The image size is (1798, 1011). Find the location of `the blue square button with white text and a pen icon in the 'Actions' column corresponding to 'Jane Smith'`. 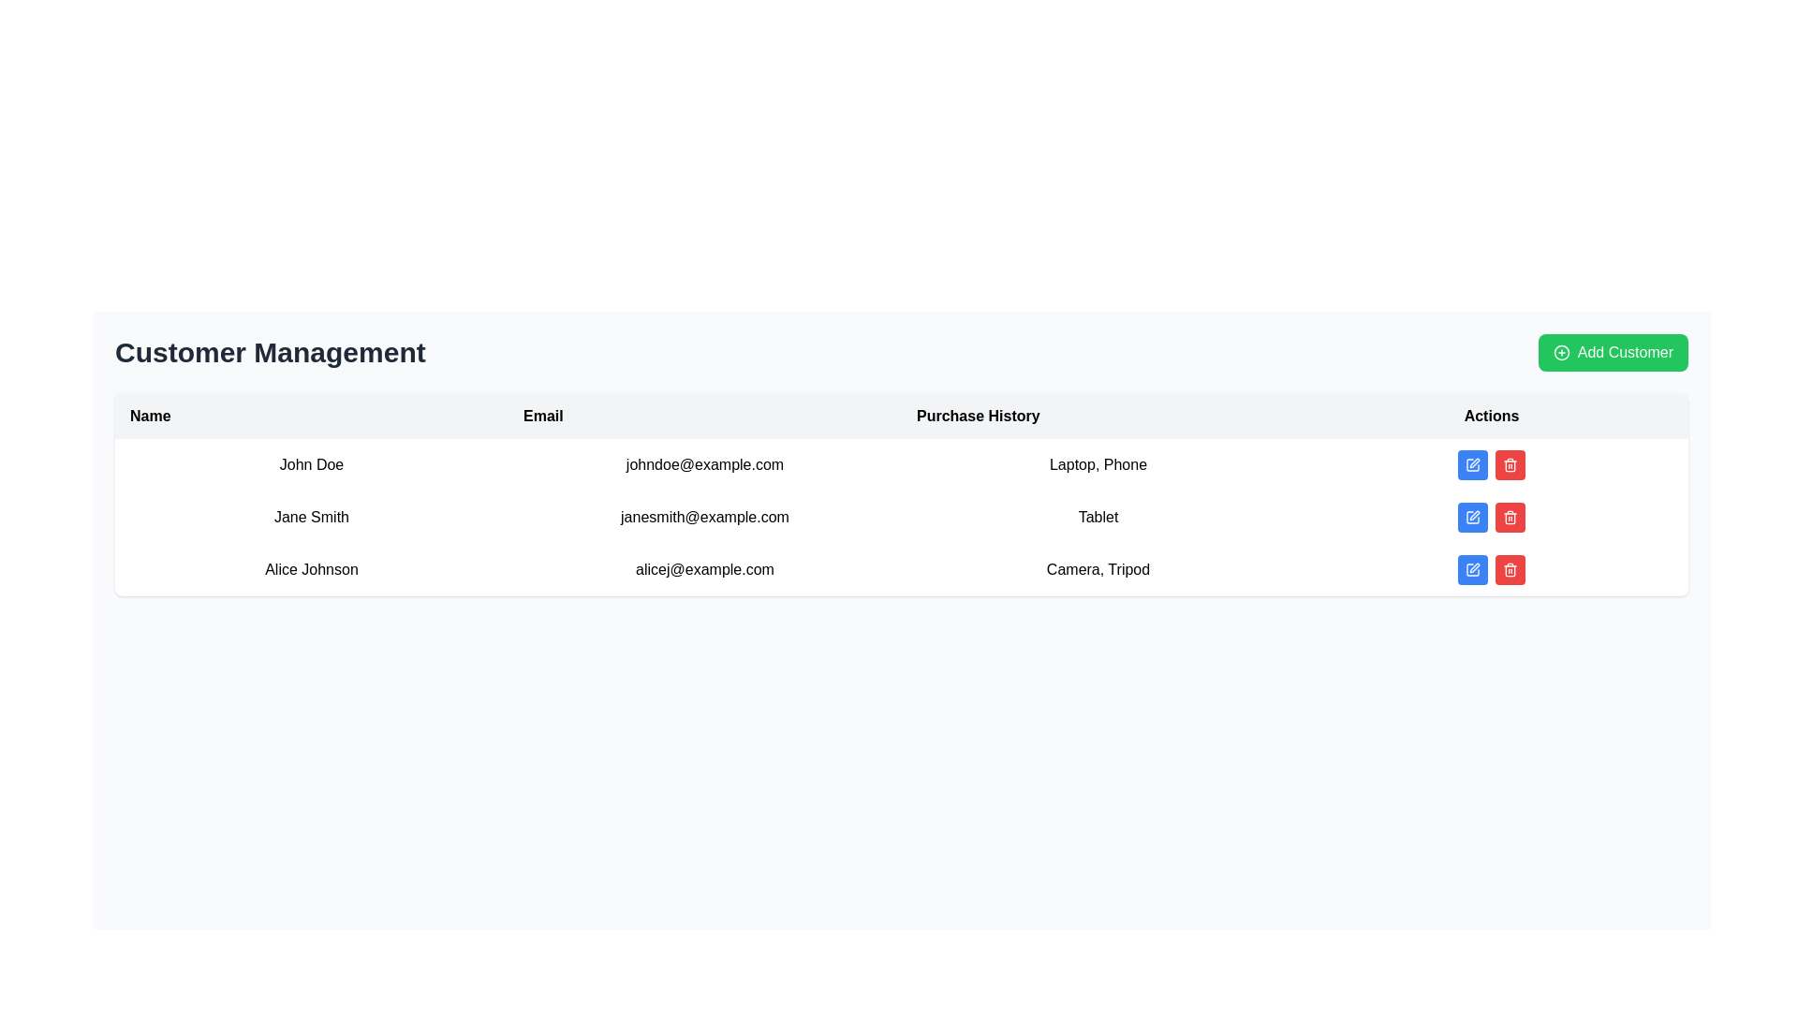

the blue square button with white text and a pen icon in the 'Actions' column corresponding to 'Jane Smith' is located at coordinates (1472, 517).